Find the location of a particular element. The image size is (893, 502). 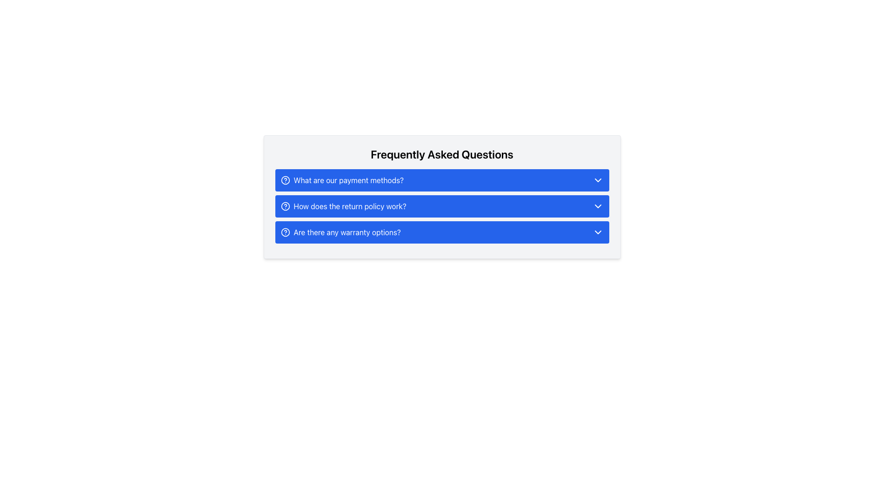

the downward-pointing chevron icon button located at the far right side next to the text 'What are our payment methods?' is located at coordinates (598, 180).